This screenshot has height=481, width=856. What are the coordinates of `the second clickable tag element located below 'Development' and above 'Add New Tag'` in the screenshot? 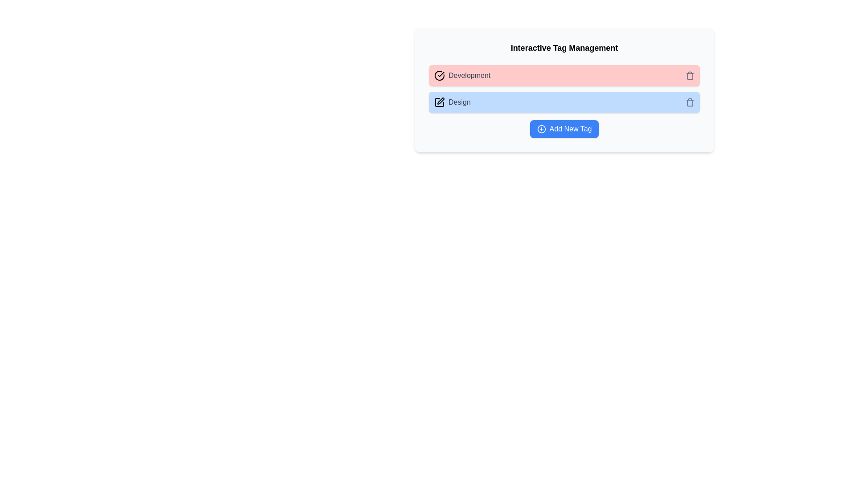 It's located at (564, 90).